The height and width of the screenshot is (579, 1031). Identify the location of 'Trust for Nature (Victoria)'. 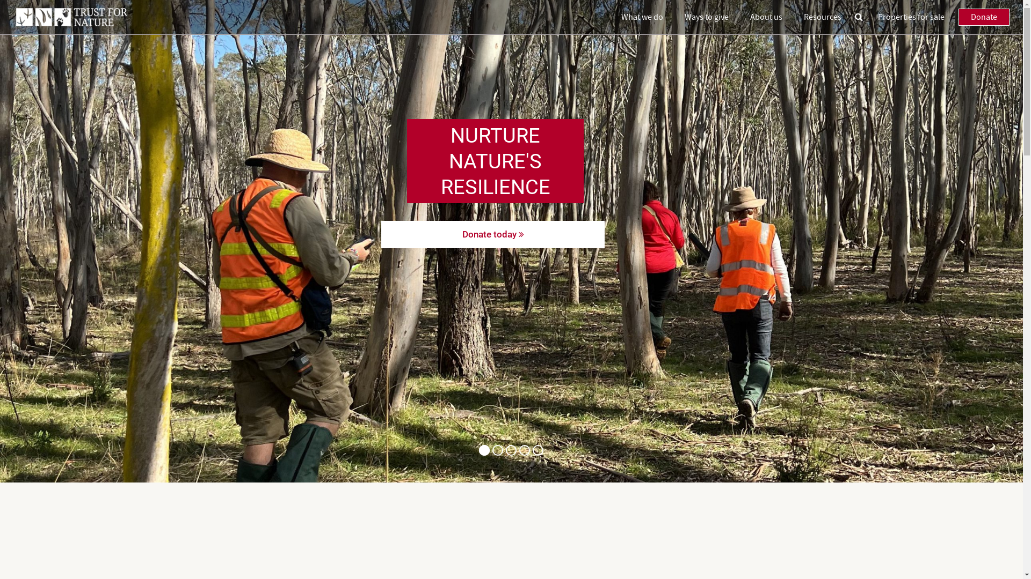
(71, 17).